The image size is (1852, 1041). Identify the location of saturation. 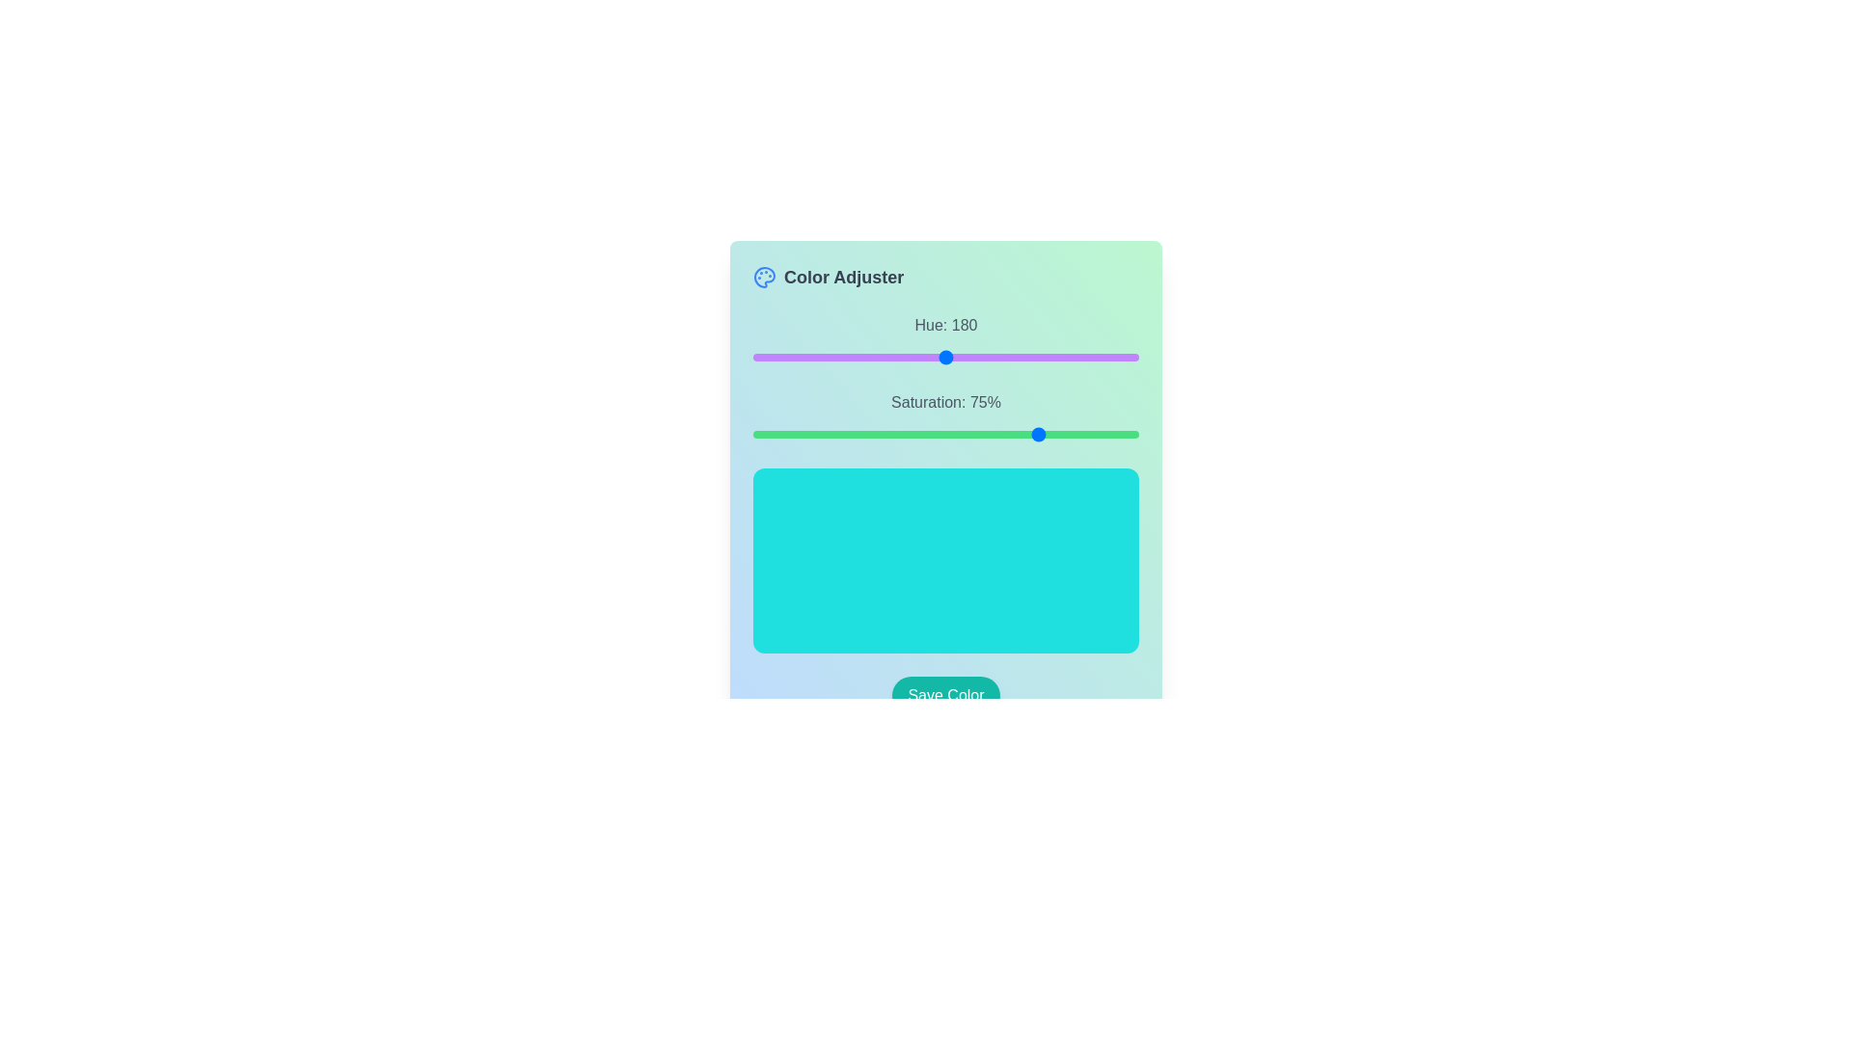
(1081, 435).